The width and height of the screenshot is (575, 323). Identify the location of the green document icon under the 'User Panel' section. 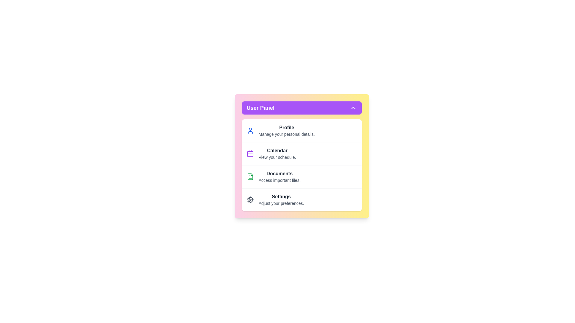
(250, 176).